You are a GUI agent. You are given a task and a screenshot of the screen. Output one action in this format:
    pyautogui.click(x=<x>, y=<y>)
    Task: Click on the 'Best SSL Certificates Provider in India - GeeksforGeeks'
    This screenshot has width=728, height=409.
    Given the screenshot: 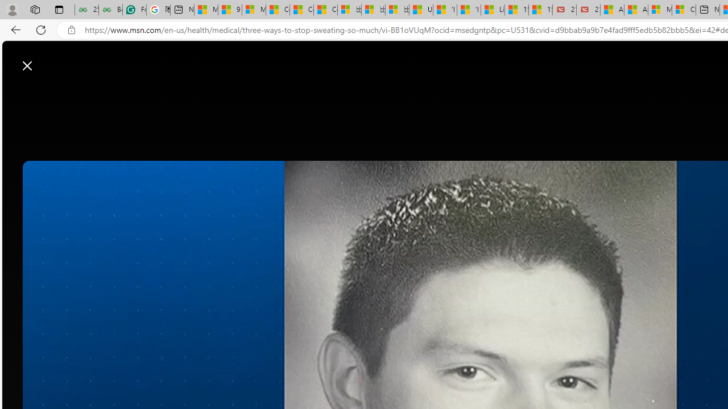 What is the action you would take?
    pyautogui.click(x=110, y=10)
    